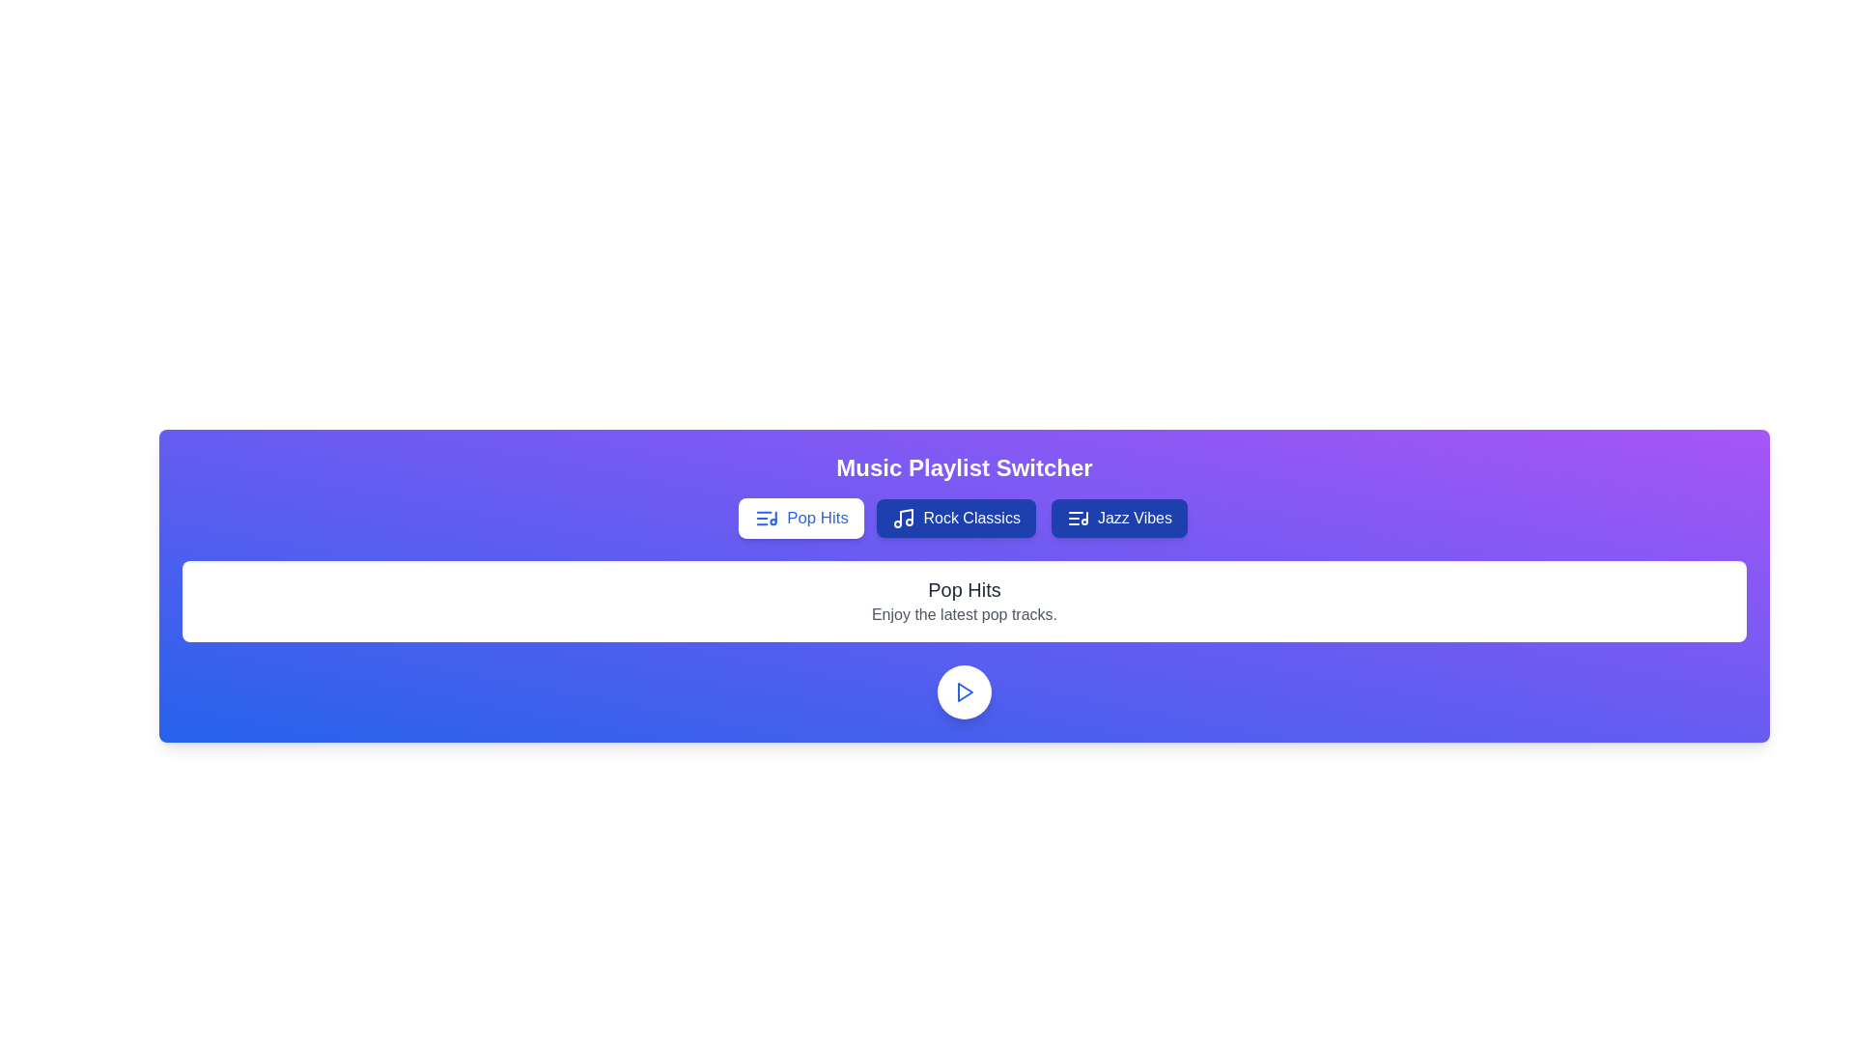 The width and height of the screenshot is (1854, 1043). What do you see at coordinates (903, 517) in the screenshot?
I see `the 'Rock Classics' icon which visually signifies the playlist, located in the middle section of the interface between 'Pop Hits' and 'Jazz Vibes'` at bounding box center [903, 517].